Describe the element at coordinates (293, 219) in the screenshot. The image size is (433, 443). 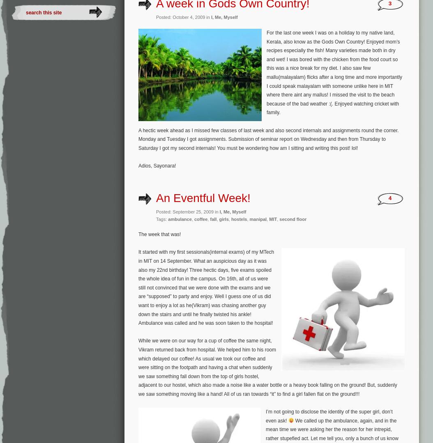
I see `'second floor'` at that location.